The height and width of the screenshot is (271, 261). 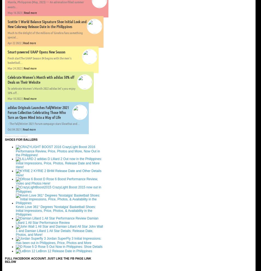 I want to click on 'Much to the delight of the millions of Ginebra fans something special...', so click(x=7, y=35).